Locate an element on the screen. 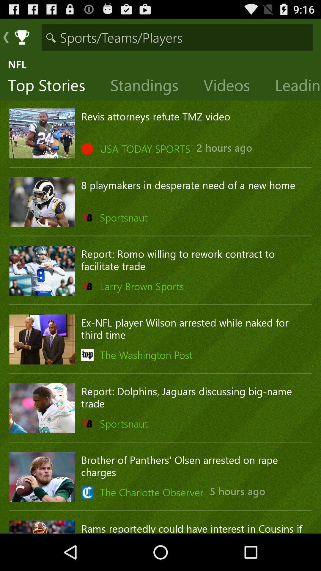 The height and width of the screenshot is (571, 321). the icon below nfl is located at coordinates (231, 86).